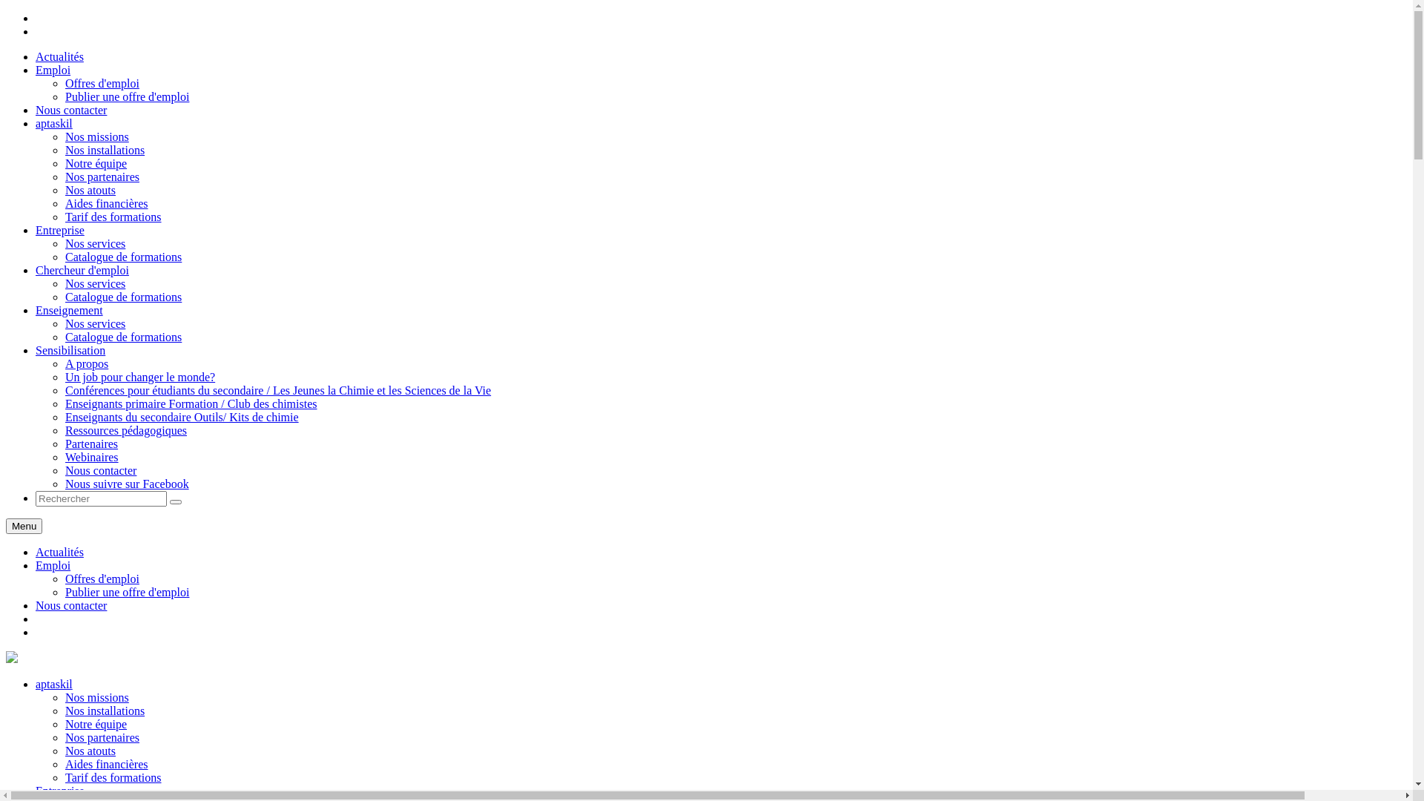 This screenshot has height=801, width=1424. I want to click on 'Nous suivre sur Facebook', so click(64, 484).